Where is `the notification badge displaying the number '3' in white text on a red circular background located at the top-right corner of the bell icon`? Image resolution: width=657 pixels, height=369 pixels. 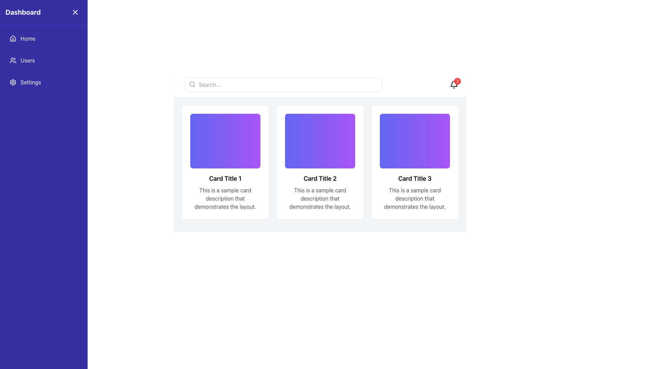
the notification badge displaying the number '3' in white text on a red circular background located at the top-right corner of the bell icon is located at coordinates (454, 84).